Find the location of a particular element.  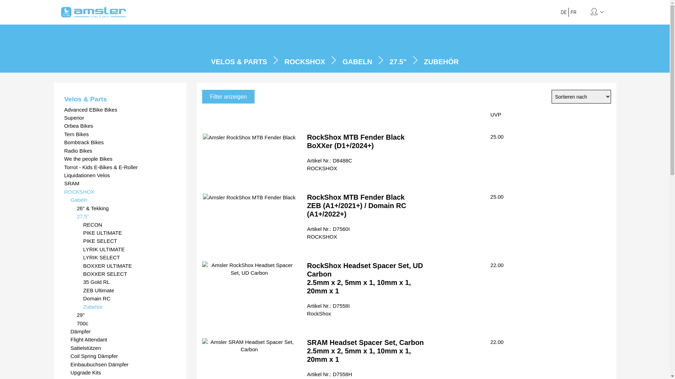

'ROCKSHOX' is located at coordinates (120, 192).